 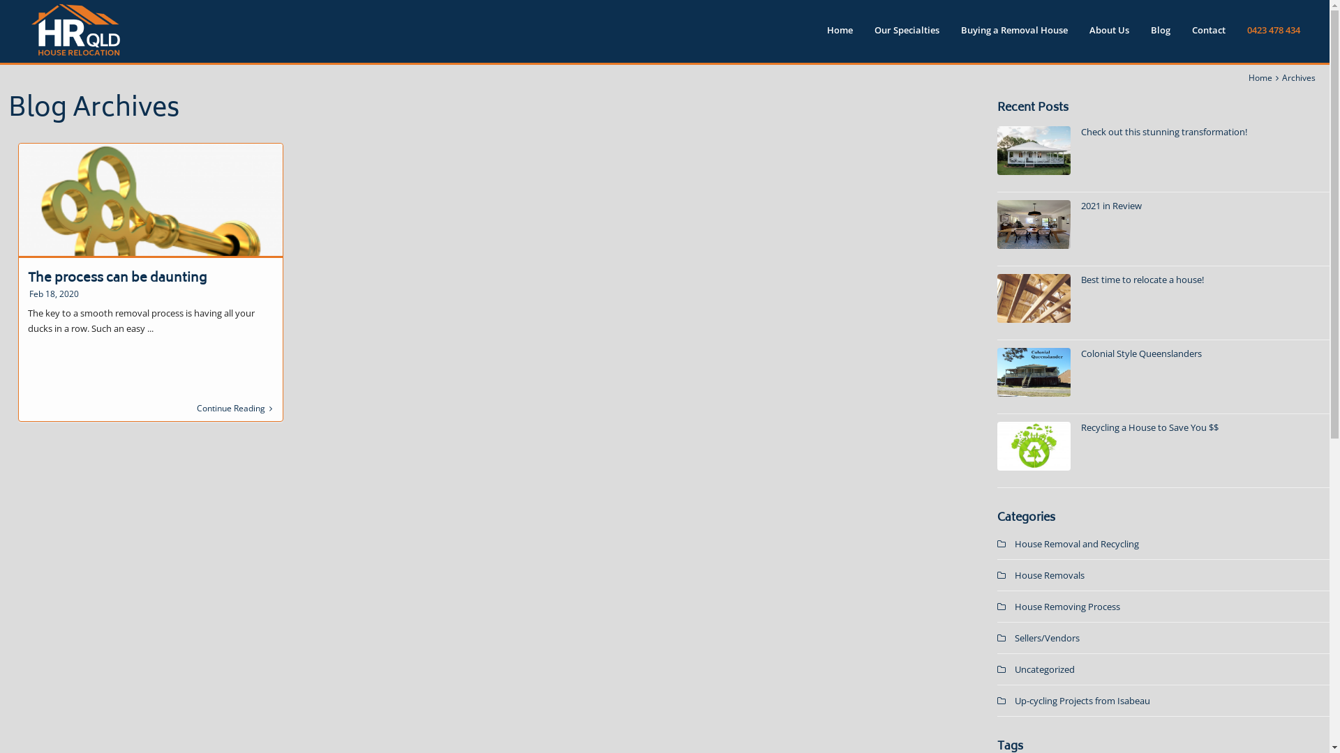 I want to click on 'Continue Reading', so click(x=234, y=408).